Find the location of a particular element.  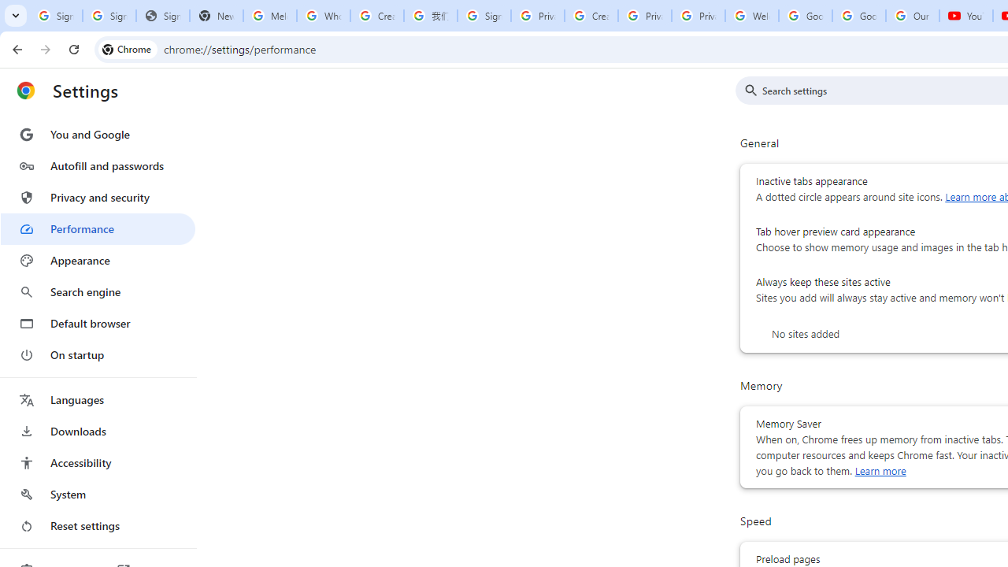

'Who is my administrator? - Google Account Help' is located at coordinates (323, 16).